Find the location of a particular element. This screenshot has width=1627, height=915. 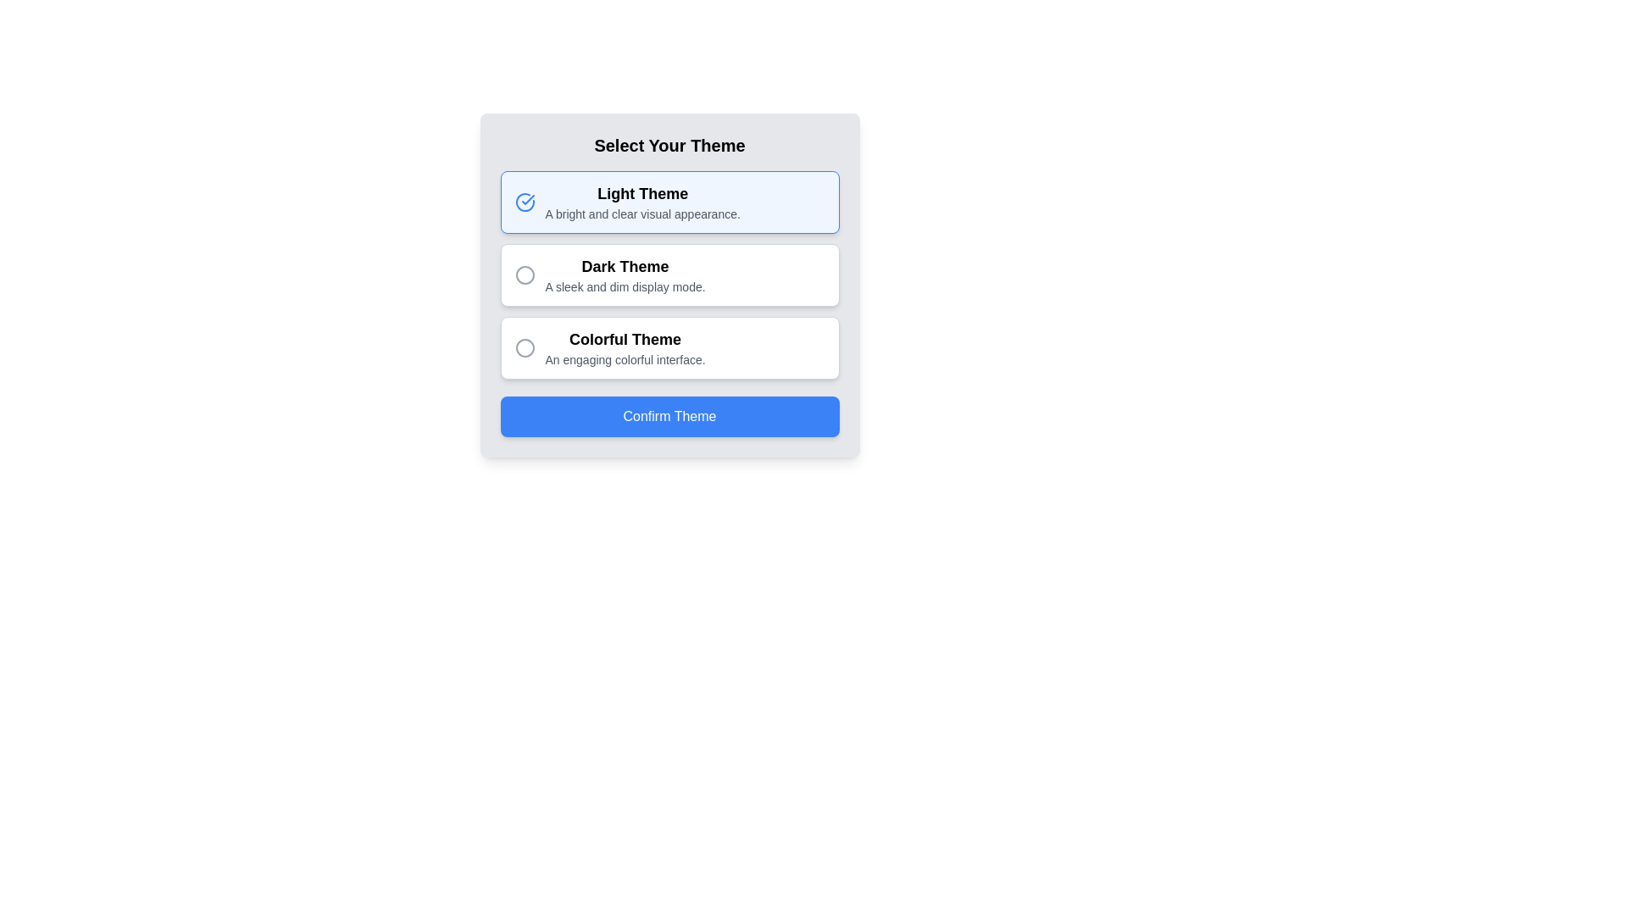

the text snippet reading 'A bright and clear visual appearance.' which is styled in light gray and located below the title 'Light Theme' in the theme options is located at coordinates (641, 213).